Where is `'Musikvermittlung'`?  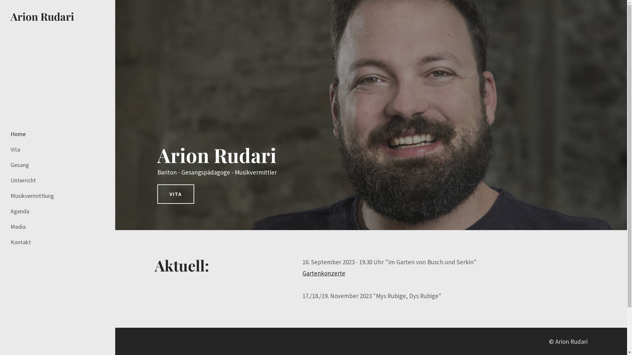
'Musikvermittlung' is located at coordinates (11, 196).